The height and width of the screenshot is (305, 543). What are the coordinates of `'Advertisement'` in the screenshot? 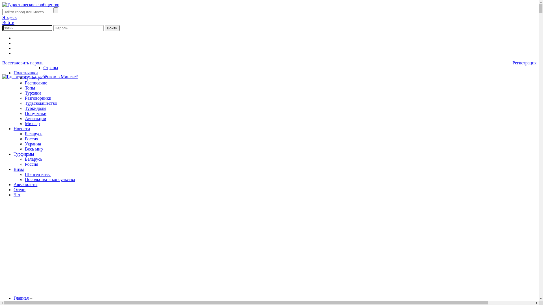 It's located at (172, 251).